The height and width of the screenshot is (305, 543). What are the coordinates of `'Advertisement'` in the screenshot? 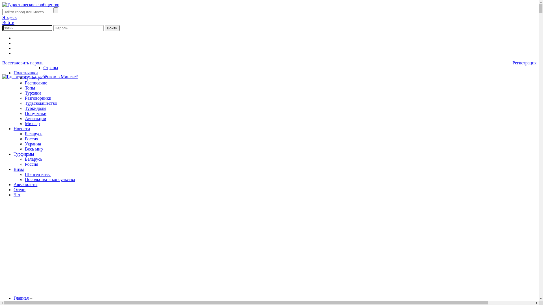 It's located at (172, 251).